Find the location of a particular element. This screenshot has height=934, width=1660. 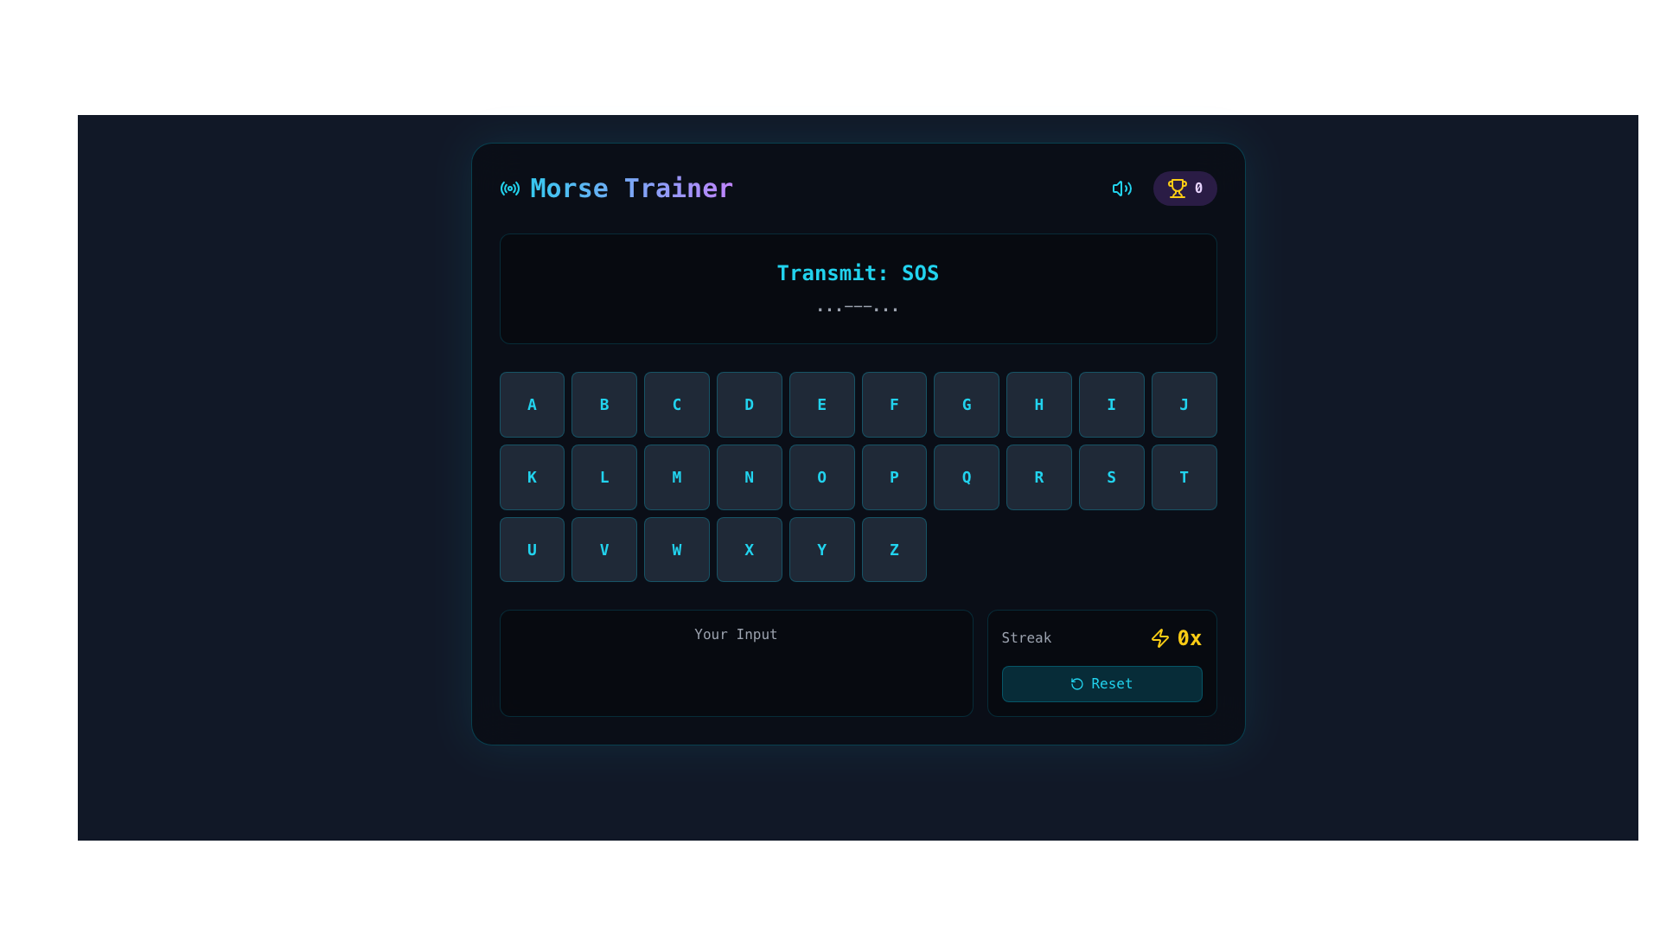

the button representing the letter 'O' in the second row, sixth position of the alphabet button grid to trigger hover effects is located at coordinates (820, 477).